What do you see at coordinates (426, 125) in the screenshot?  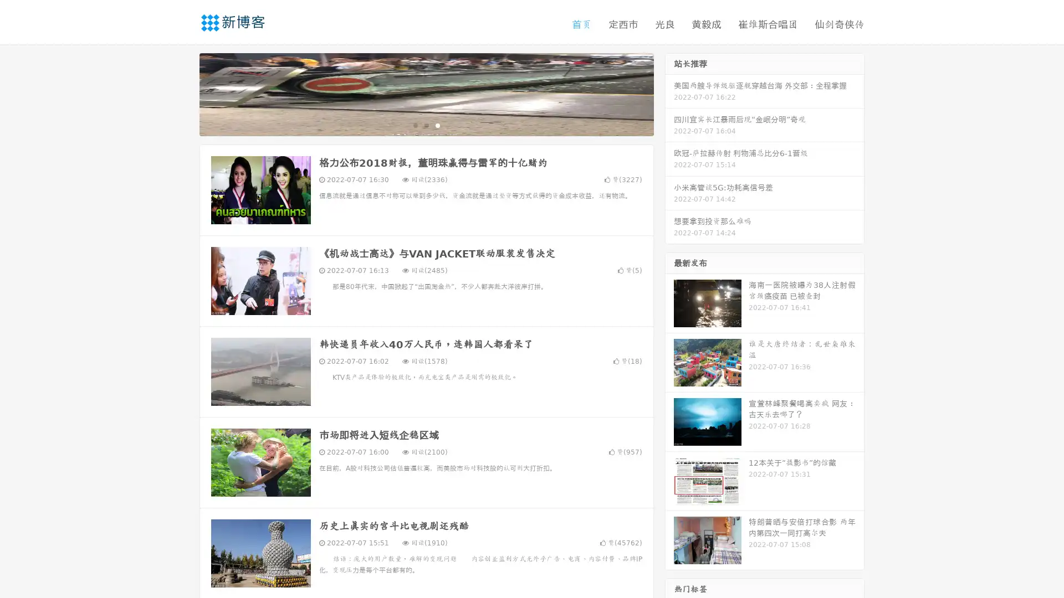 I see `Go to slide 2` at bounding box center [426, 125].